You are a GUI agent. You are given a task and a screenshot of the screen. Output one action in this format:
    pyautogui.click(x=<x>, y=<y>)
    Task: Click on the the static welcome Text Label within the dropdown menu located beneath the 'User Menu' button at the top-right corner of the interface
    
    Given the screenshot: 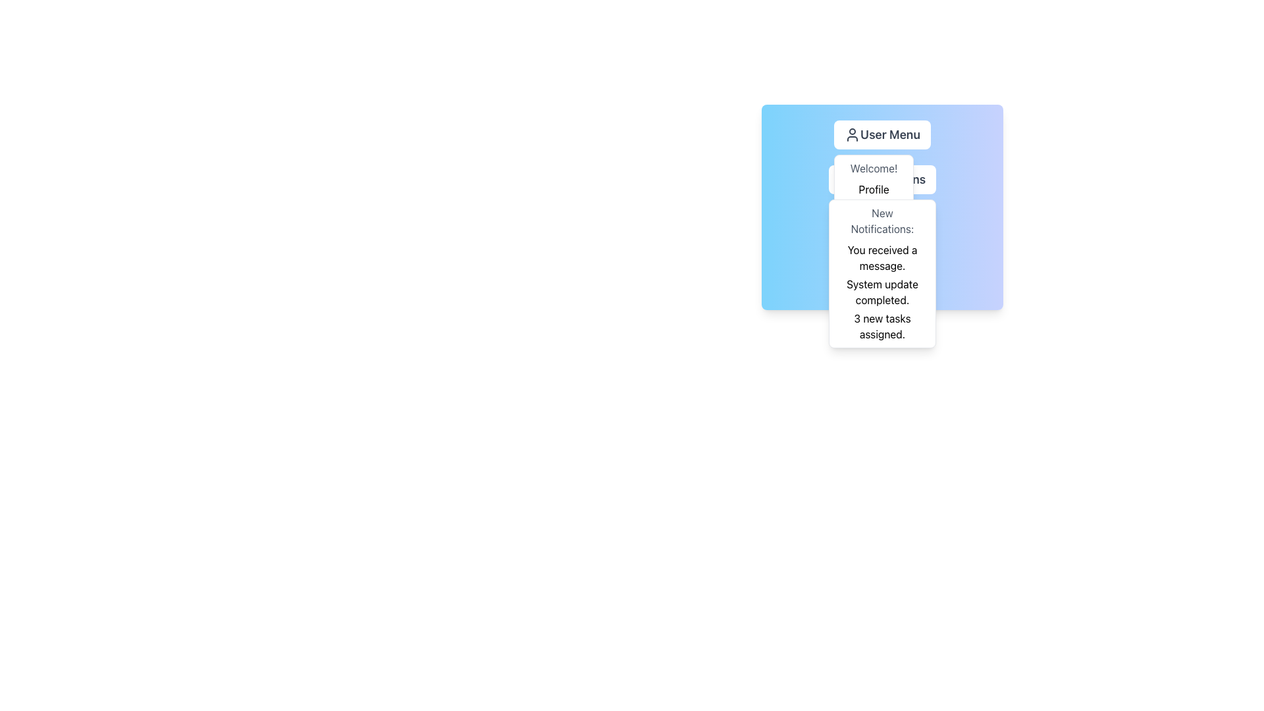 What is the action you would take?
    pyautogui.click(x=874, y=167)
    